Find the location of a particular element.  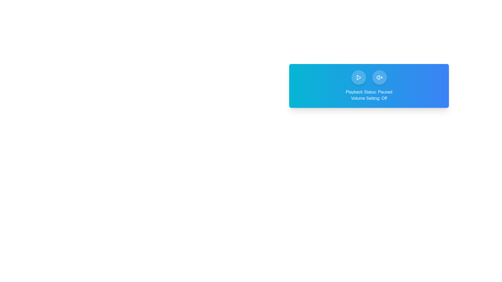

the playback toggle button to change the playback state is located at coordinates (358, 78).